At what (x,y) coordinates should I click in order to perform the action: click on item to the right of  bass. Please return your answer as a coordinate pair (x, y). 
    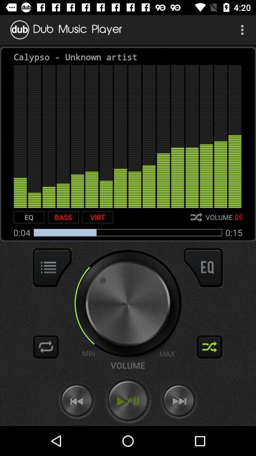
    Looking at the image, I should click on (97, 217).